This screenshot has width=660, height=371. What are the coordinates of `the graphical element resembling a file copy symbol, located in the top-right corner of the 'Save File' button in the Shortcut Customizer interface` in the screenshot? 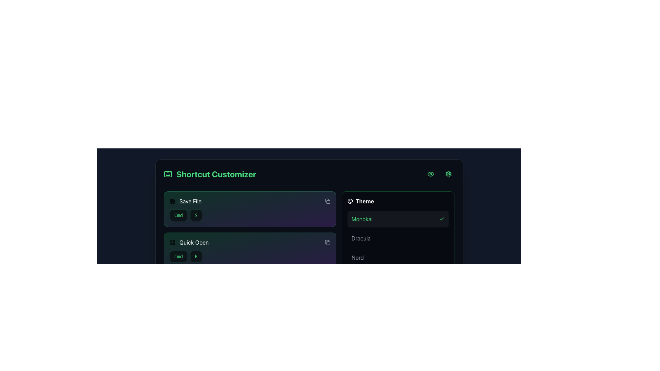 It's located at (326, 200).